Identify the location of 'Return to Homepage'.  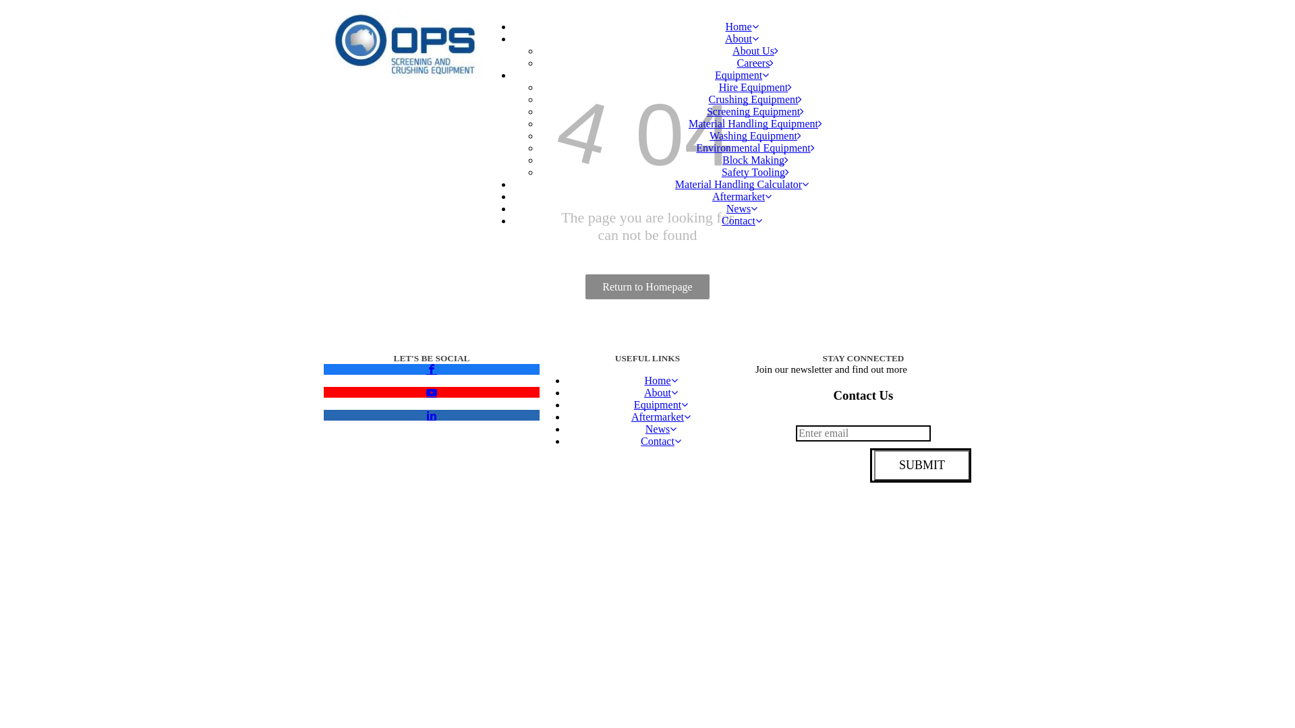
(585, 286).